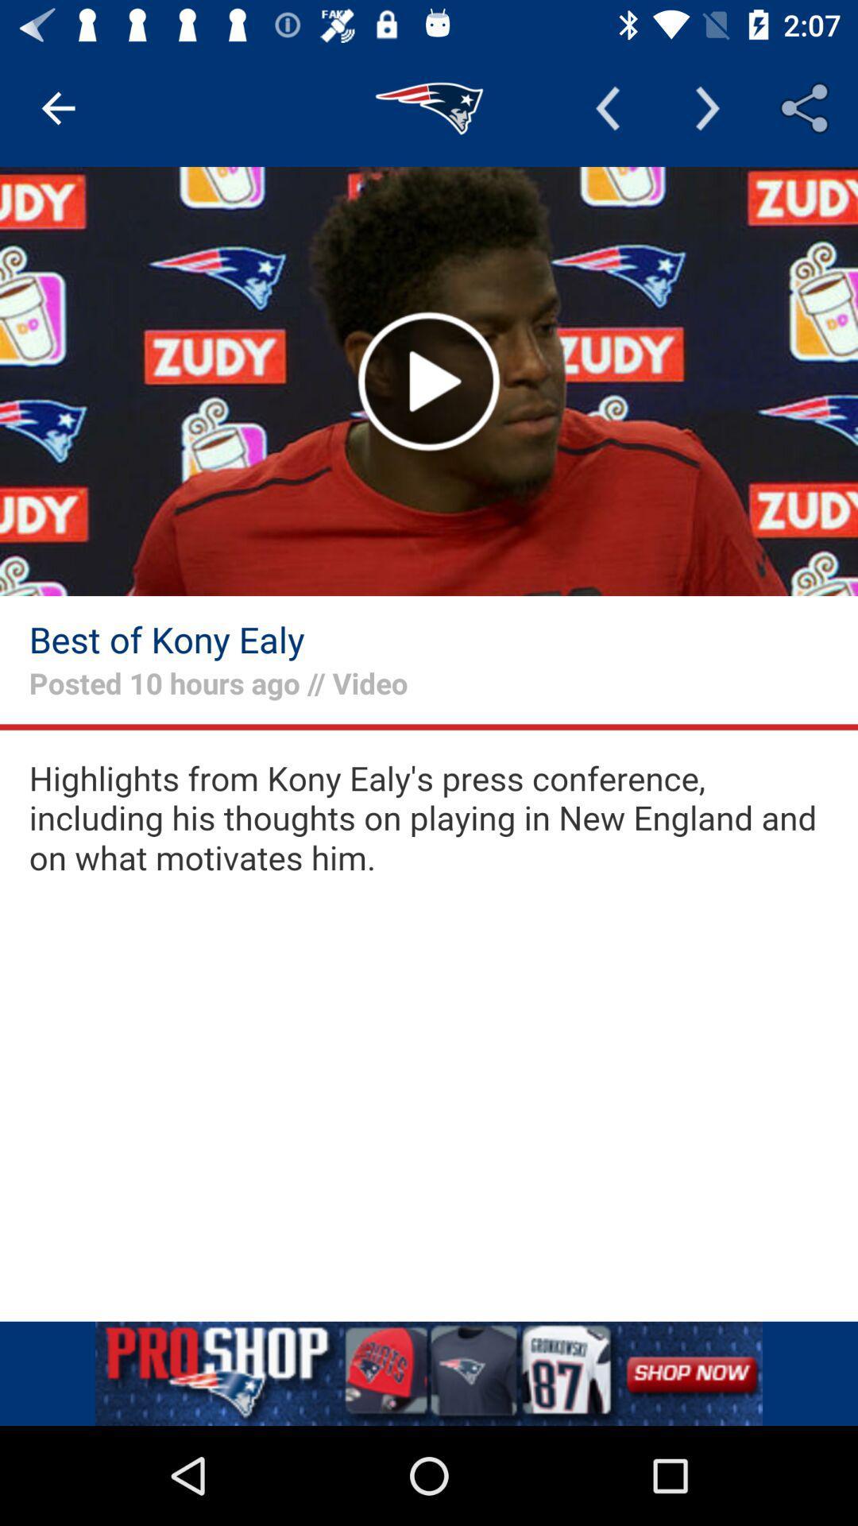 This screenshot has height=1526, width=858. Describe the element at coordinates (429, 381) in the screenshot. I see `video` at that location.